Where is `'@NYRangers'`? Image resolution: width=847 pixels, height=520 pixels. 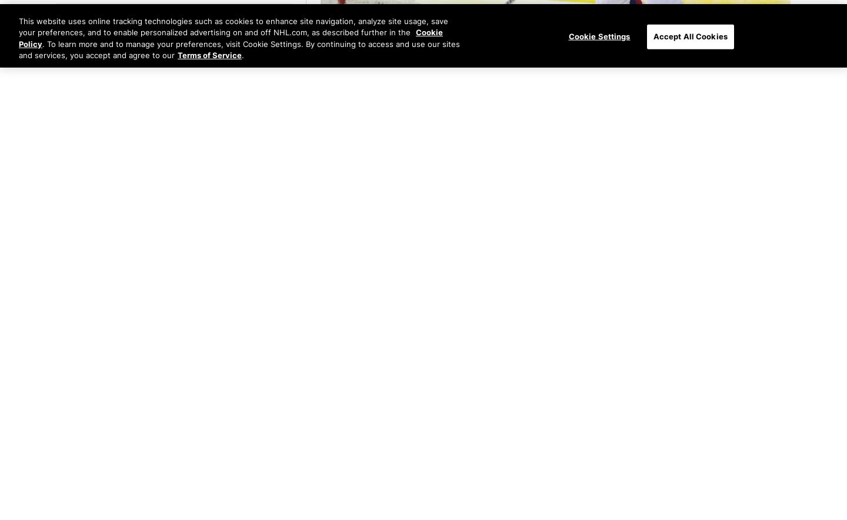 '@NYRangers' is located at coordinates (451, 68).